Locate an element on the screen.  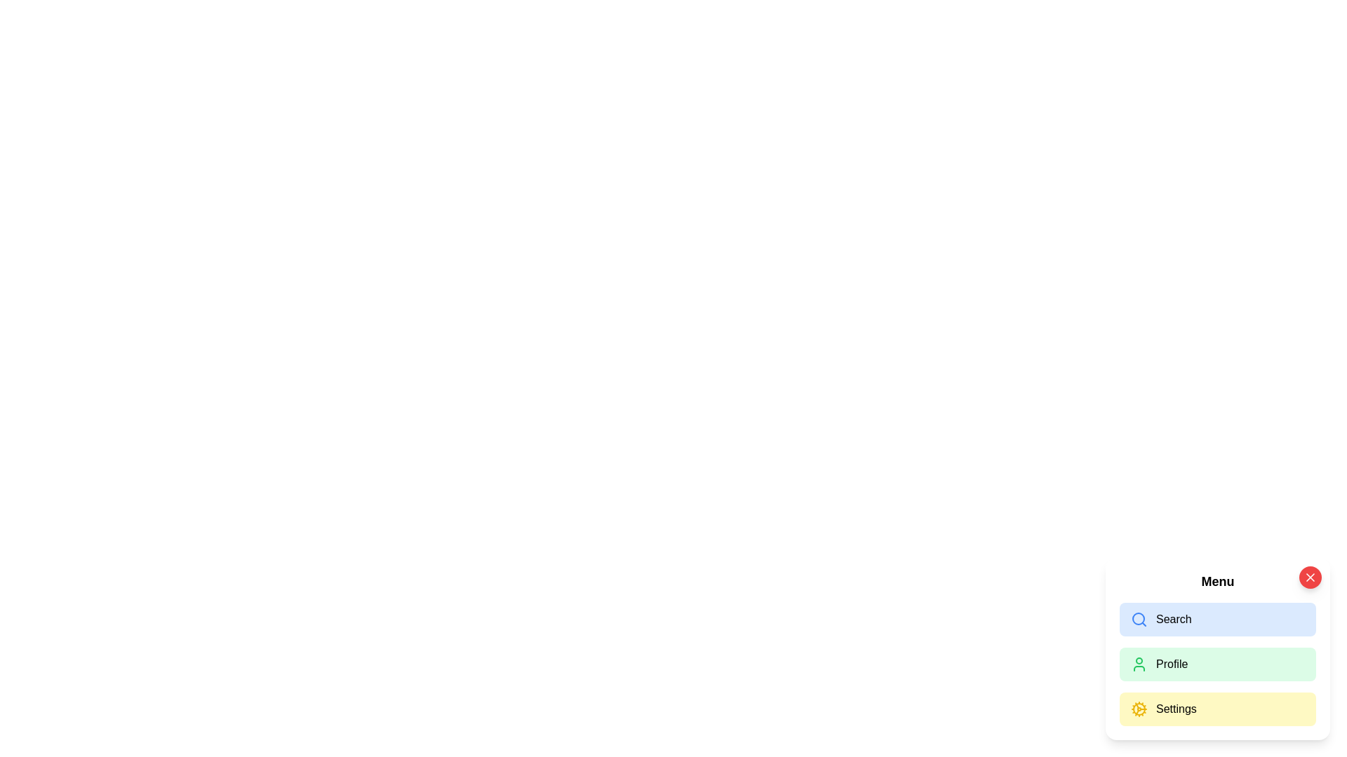
the navigational button that leads to the user's profile, located as the second item in a vertical list of three buttons within a menu, situated below the 'Search' button and above the 'Settings' button is located at coordinates (1217, 664).